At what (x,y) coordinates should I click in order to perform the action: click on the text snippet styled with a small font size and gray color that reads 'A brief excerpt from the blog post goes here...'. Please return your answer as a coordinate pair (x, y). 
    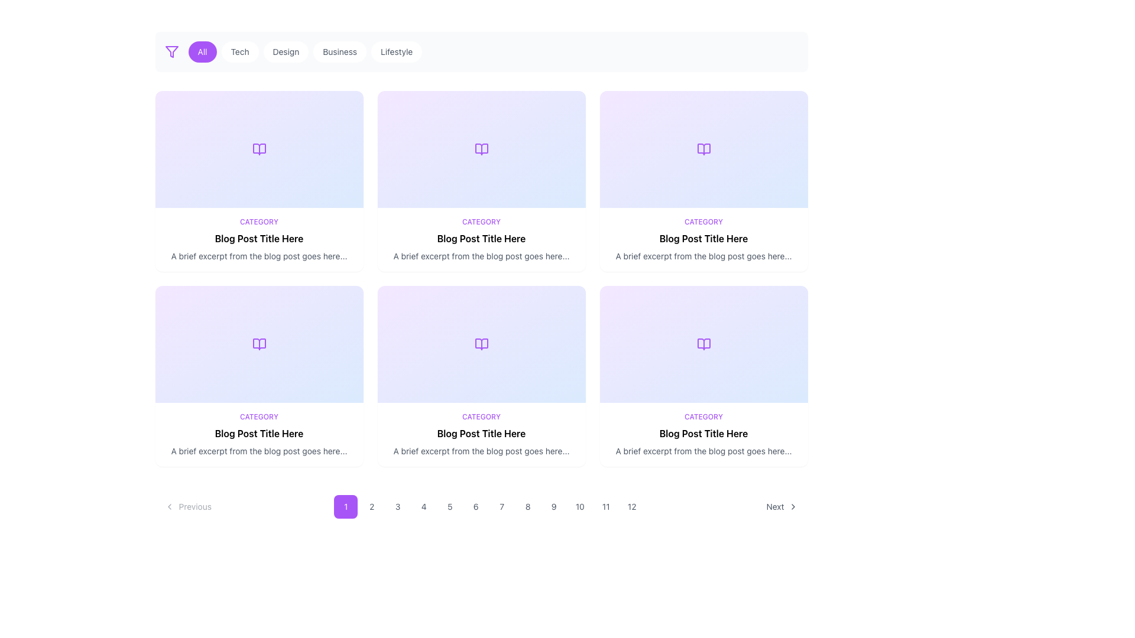
    Looking at the image, I should click on (481, 451).